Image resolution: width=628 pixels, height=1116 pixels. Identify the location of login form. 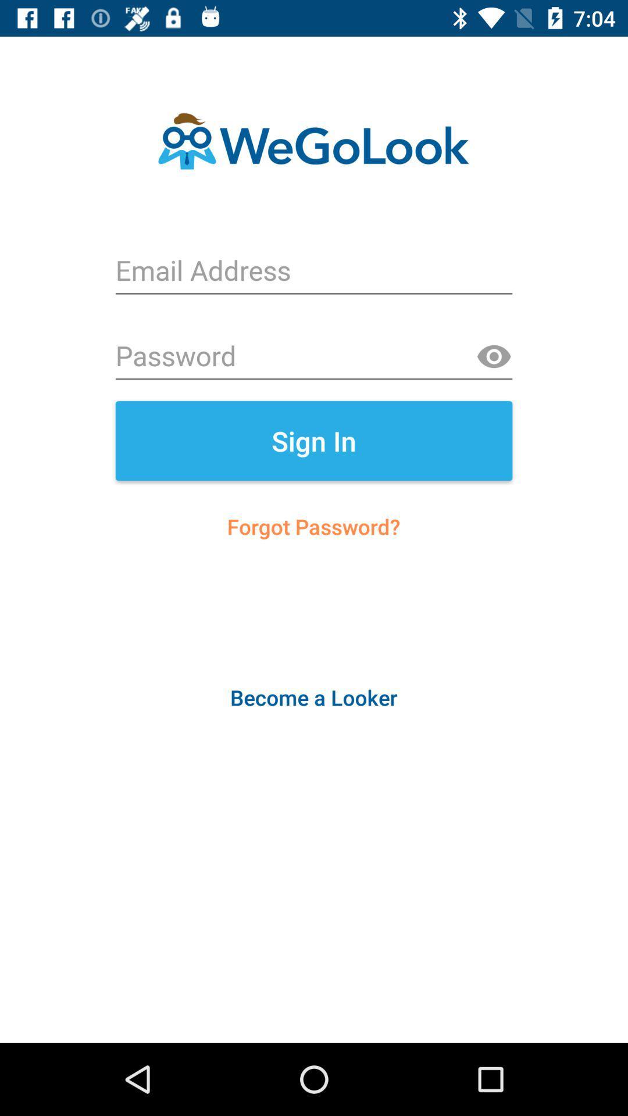
(314, 271).